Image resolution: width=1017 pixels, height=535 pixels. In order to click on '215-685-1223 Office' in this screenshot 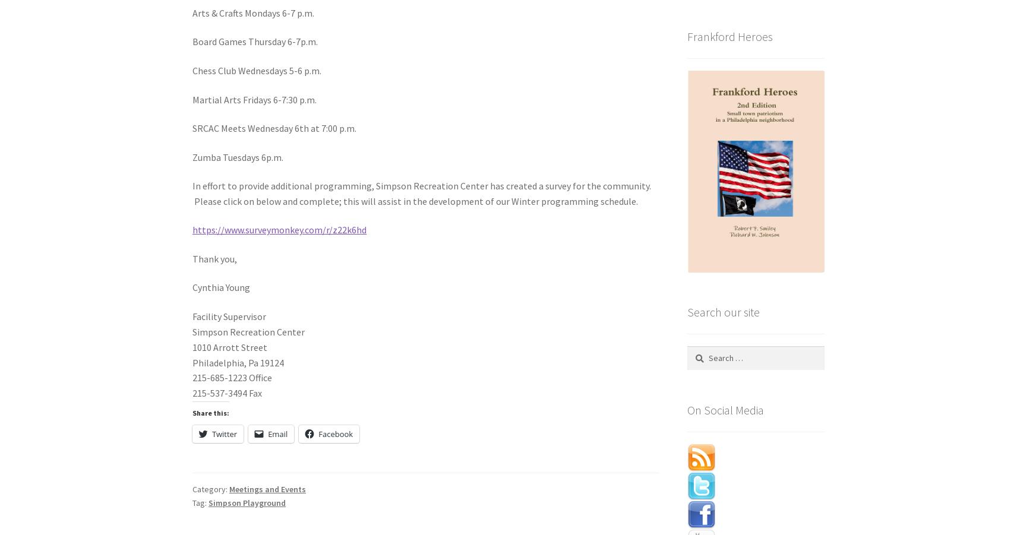, I will do `click(232, 378)`.